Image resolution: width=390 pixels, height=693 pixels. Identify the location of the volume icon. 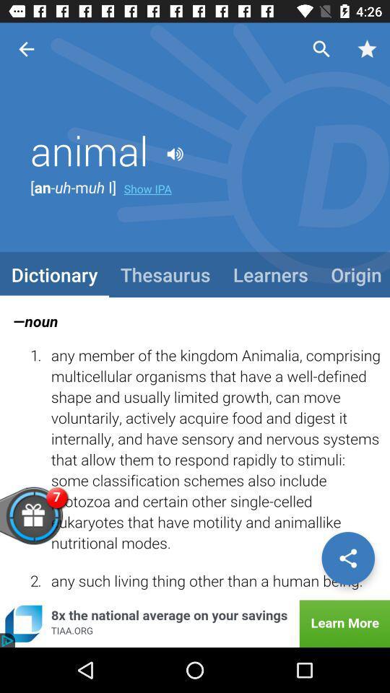
(175, 154).